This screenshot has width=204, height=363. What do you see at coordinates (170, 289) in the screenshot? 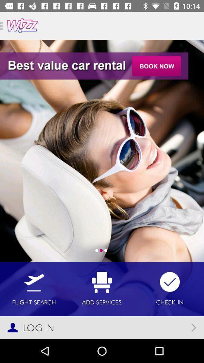
I see `the check-in` at bounding box center [170, 289].